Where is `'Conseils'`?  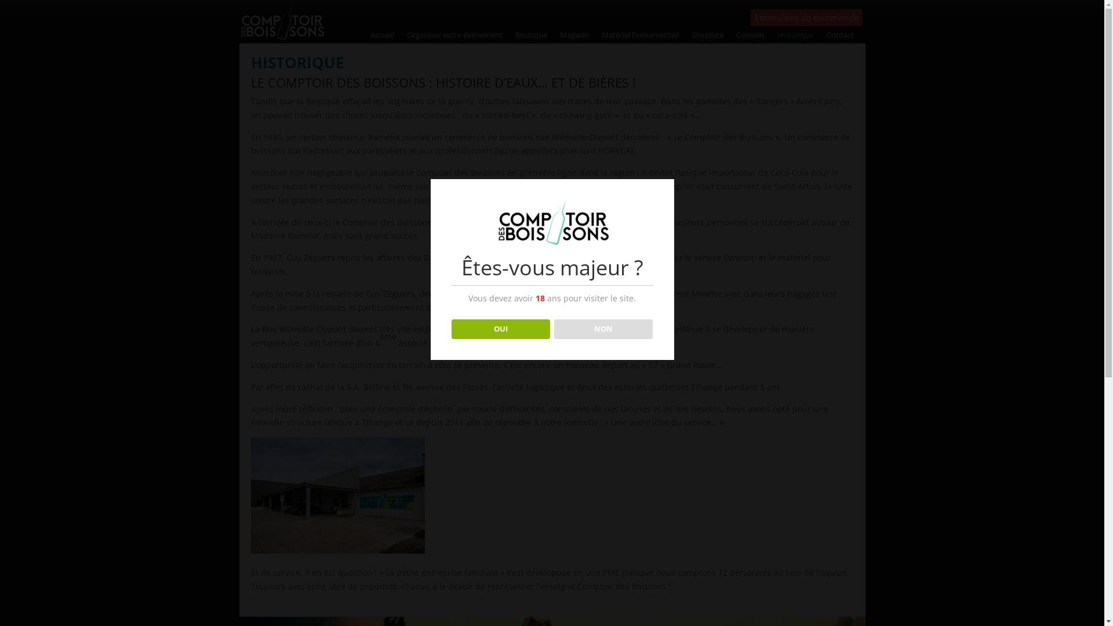
'Conseils' is located at coordinates (750, 37).